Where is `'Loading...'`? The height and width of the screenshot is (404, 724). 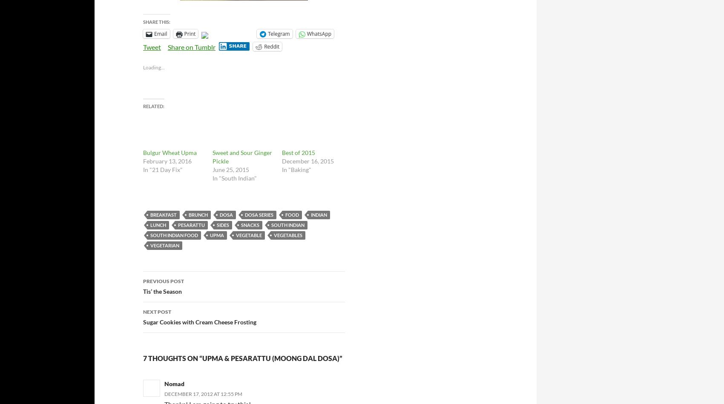 'Loading...' is located at coordinates (142, 67).